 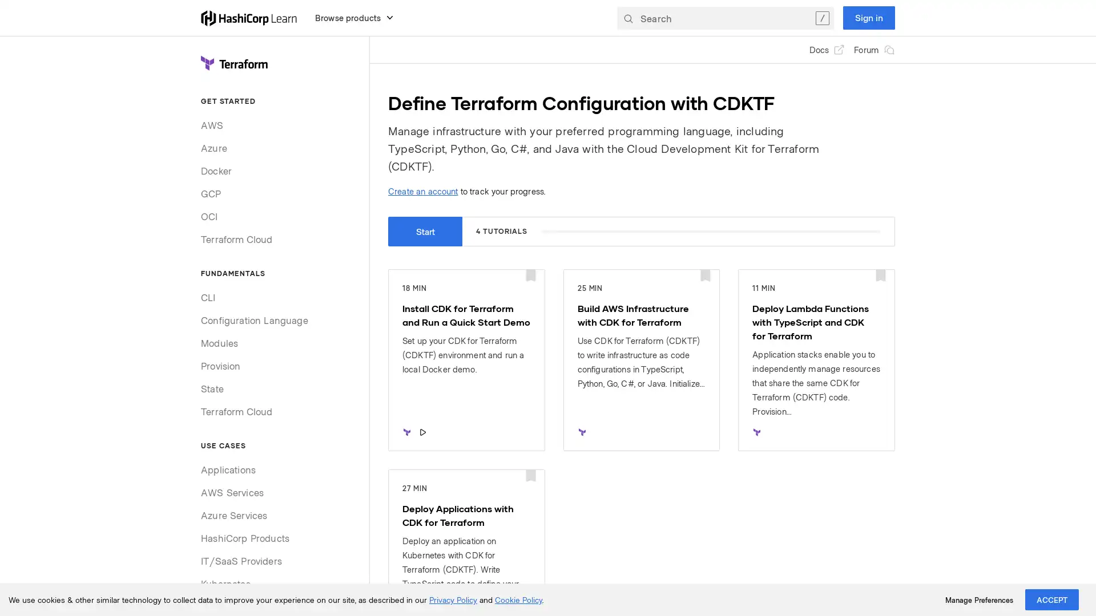 What do you see at coordinates (868, 17) in the screenshot?
I see `Sign in` at bounding box center [868, 17].